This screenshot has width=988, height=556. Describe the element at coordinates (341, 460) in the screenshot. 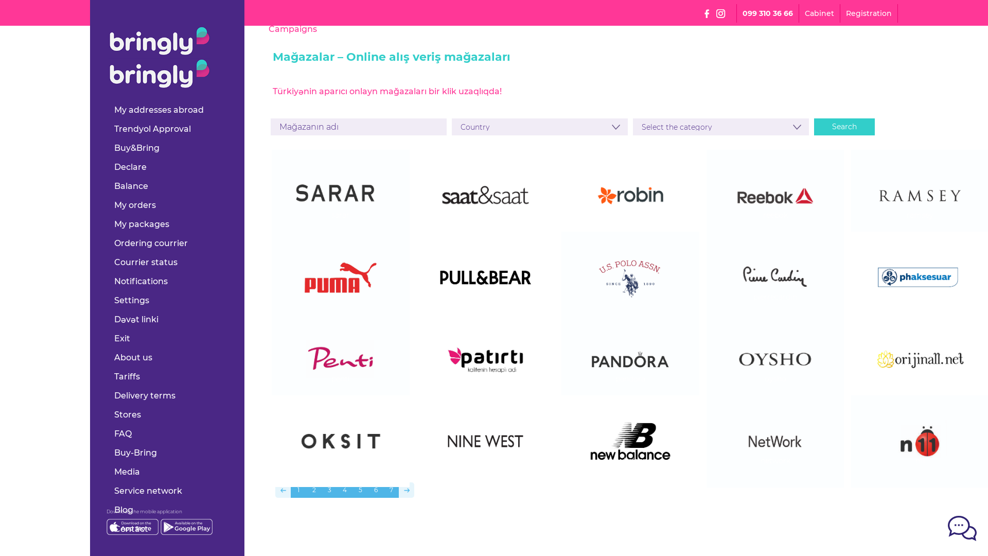

I see `'oksit'` at that location.